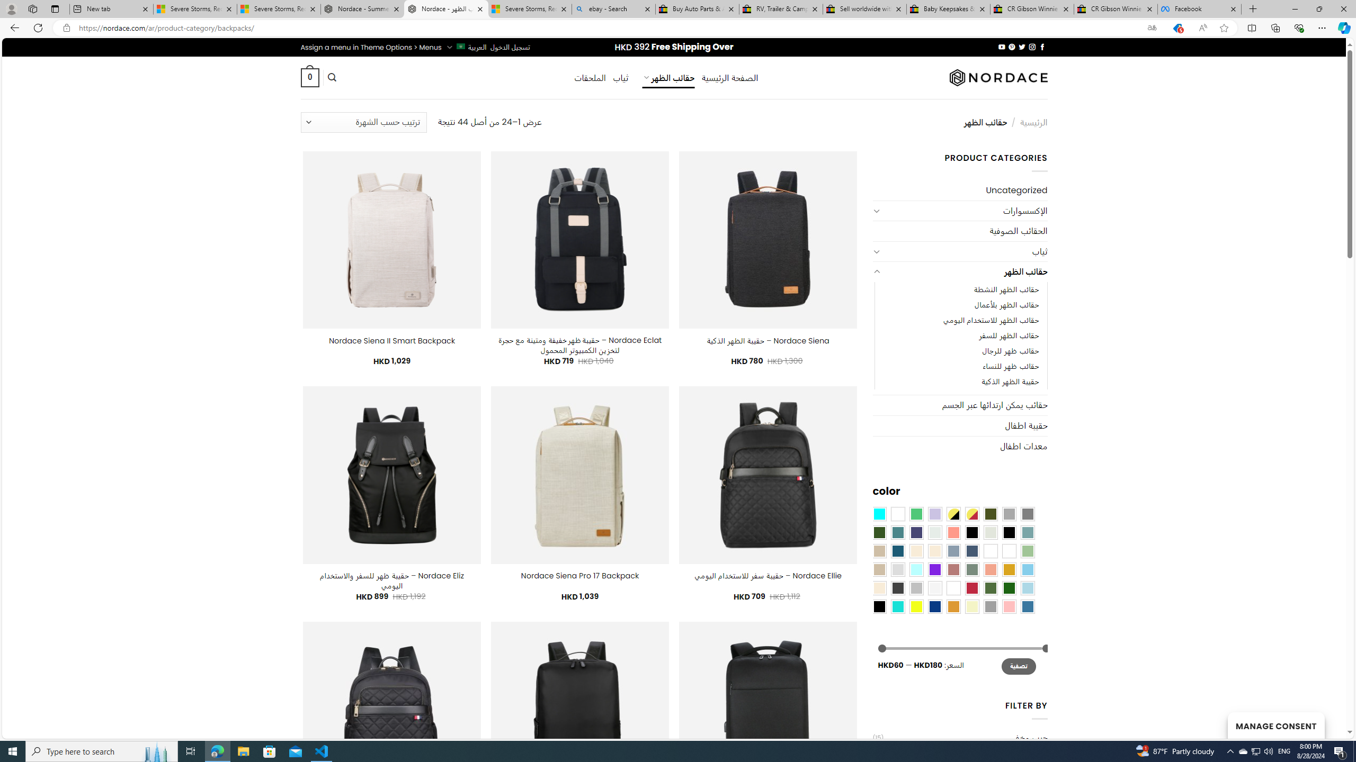  Describe the element at coordinates (1151, 28) in the screenshot. I see `'Show translate options'` at that location.